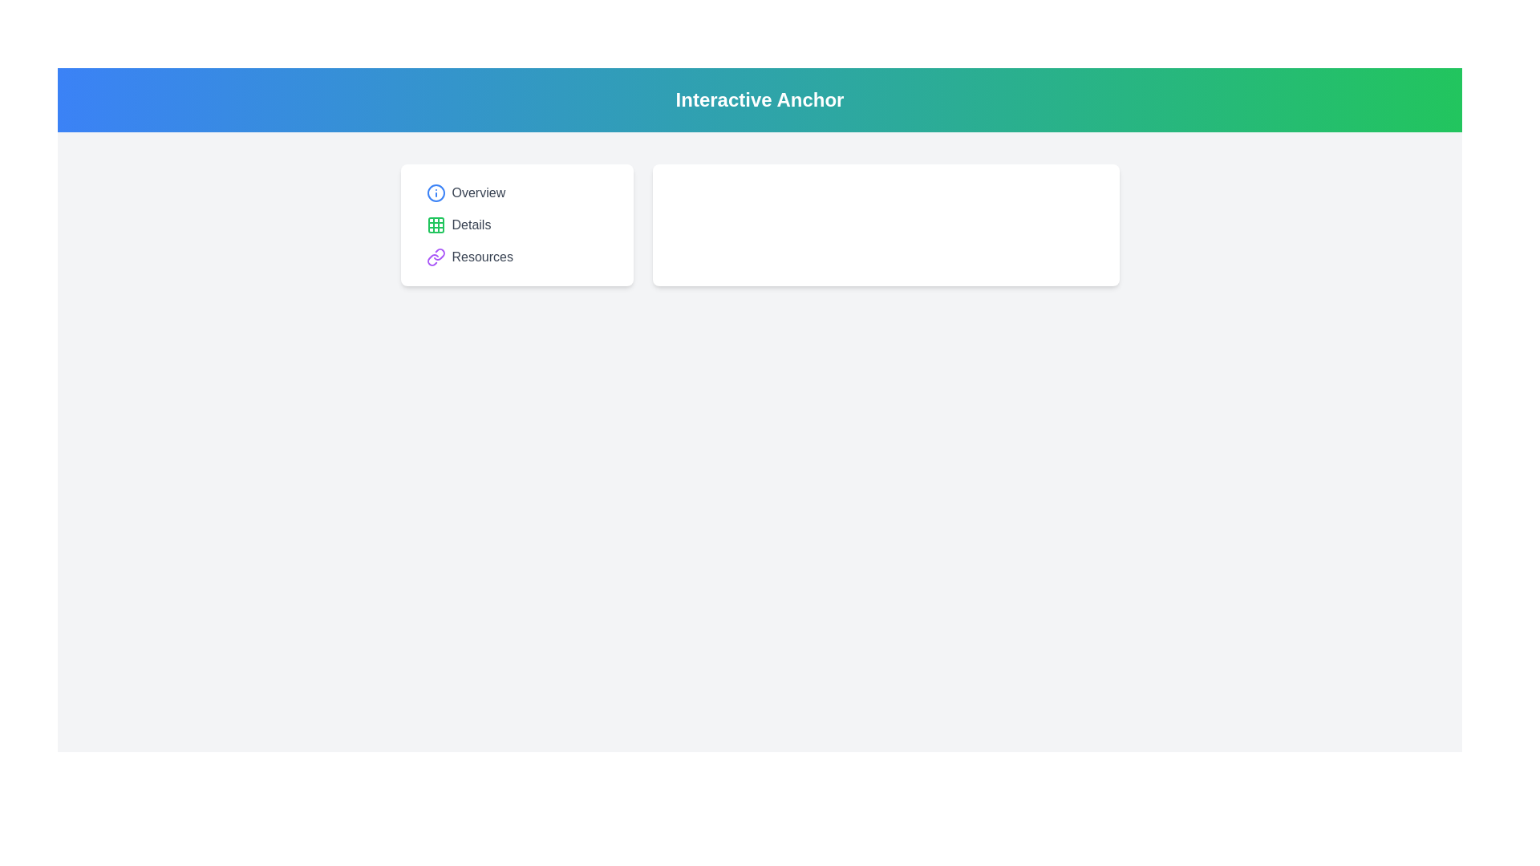 Image resolution: width=1540 pixels, height=866 pixels. What do you see at coordinates (470, 225) in the screenshot?
I see `text of the 'Details' label, which is displayed in gray color and positioned above the 'Resources' label and after the green grid icon` at bounding box center [470, 225].